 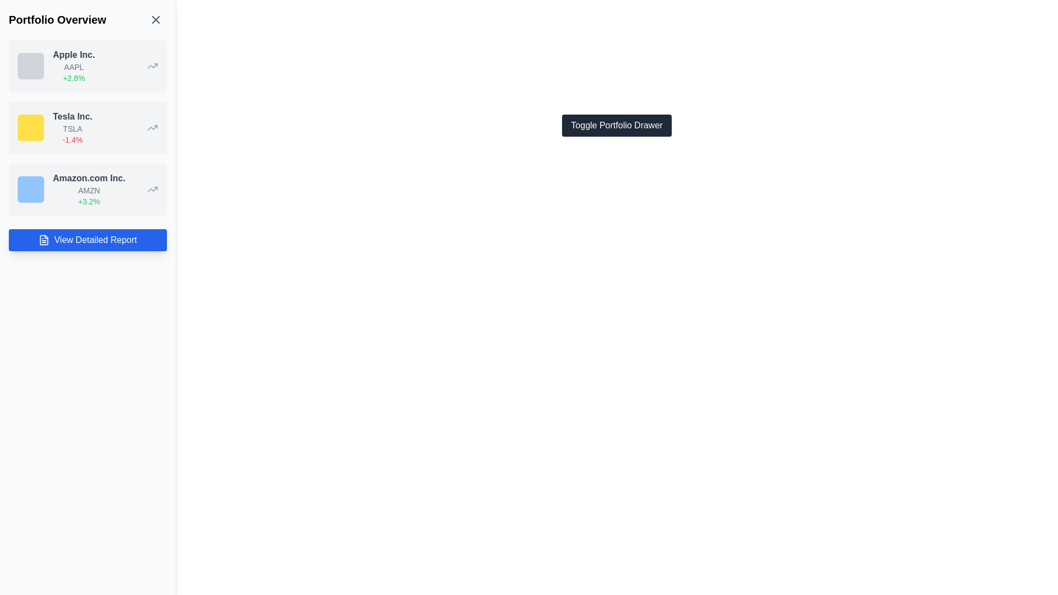 What do you see at coordinates (72, 139) in the screenshot?
I see `the Text label indicating the percentage change for 'Tesla Inc.' located in the lower portion of its grouping, specifically below the stock ticker (TSLA) and company name` at bounding box center [72, 139].